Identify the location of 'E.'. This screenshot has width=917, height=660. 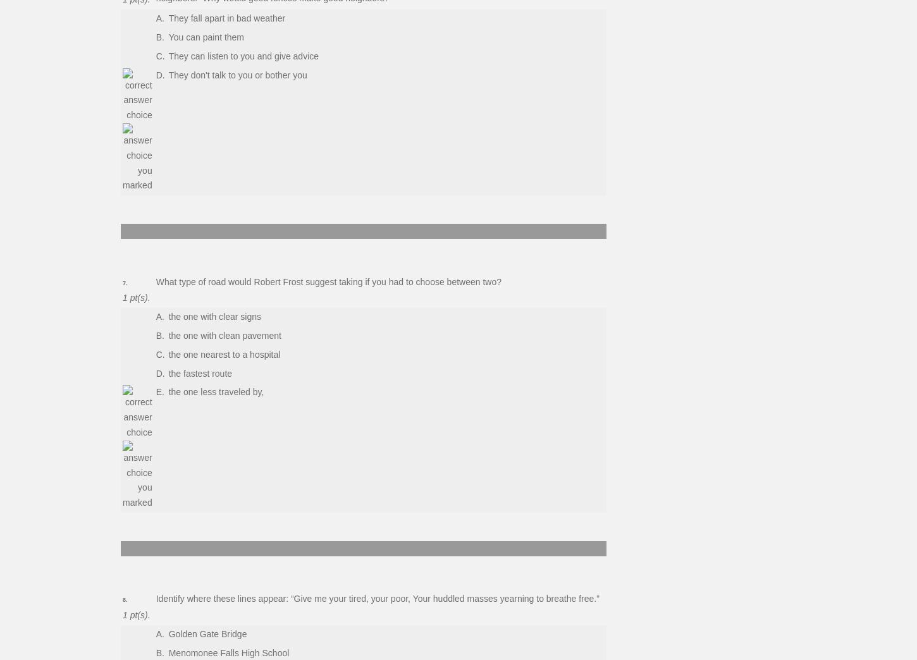
(159, 392).